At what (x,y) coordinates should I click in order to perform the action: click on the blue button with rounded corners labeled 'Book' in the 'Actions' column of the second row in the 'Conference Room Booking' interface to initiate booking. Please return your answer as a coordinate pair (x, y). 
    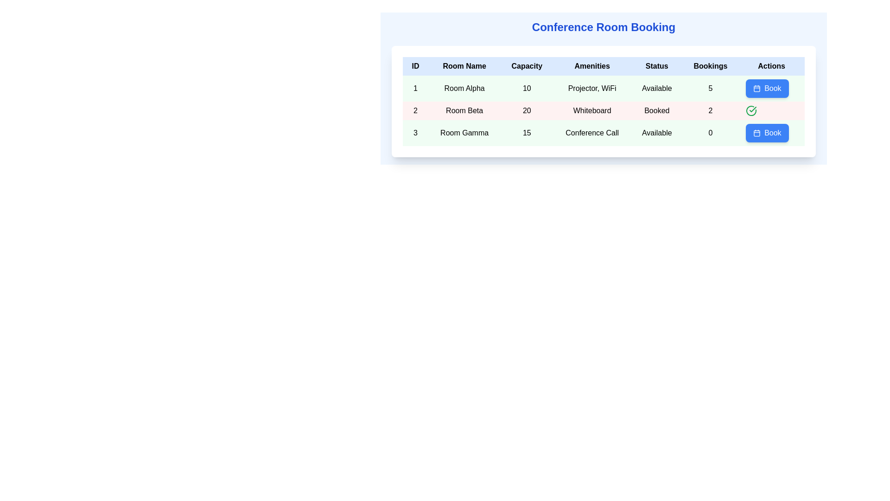
    Looking at the image, I should click on (767, 89).